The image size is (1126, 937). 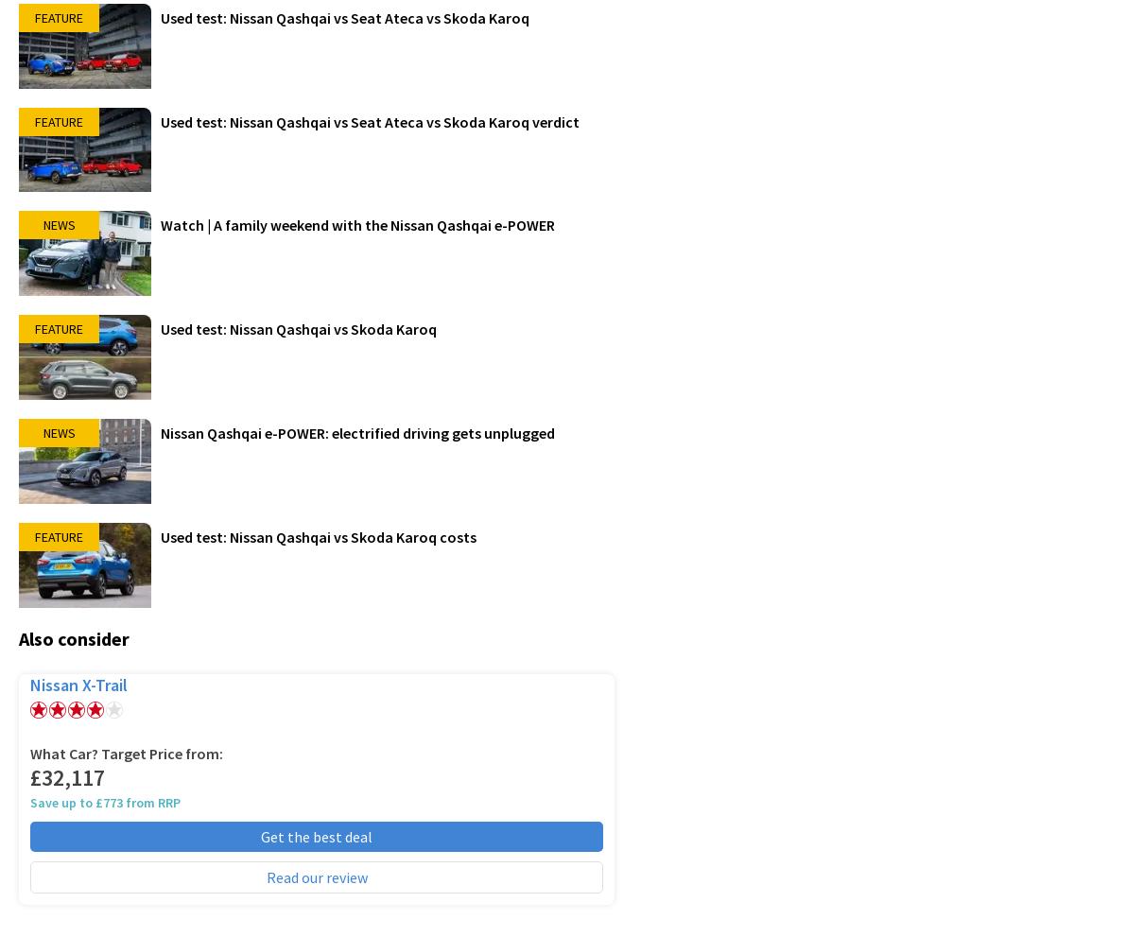 I want to click on '£32,117', so click(x=66, y=776).